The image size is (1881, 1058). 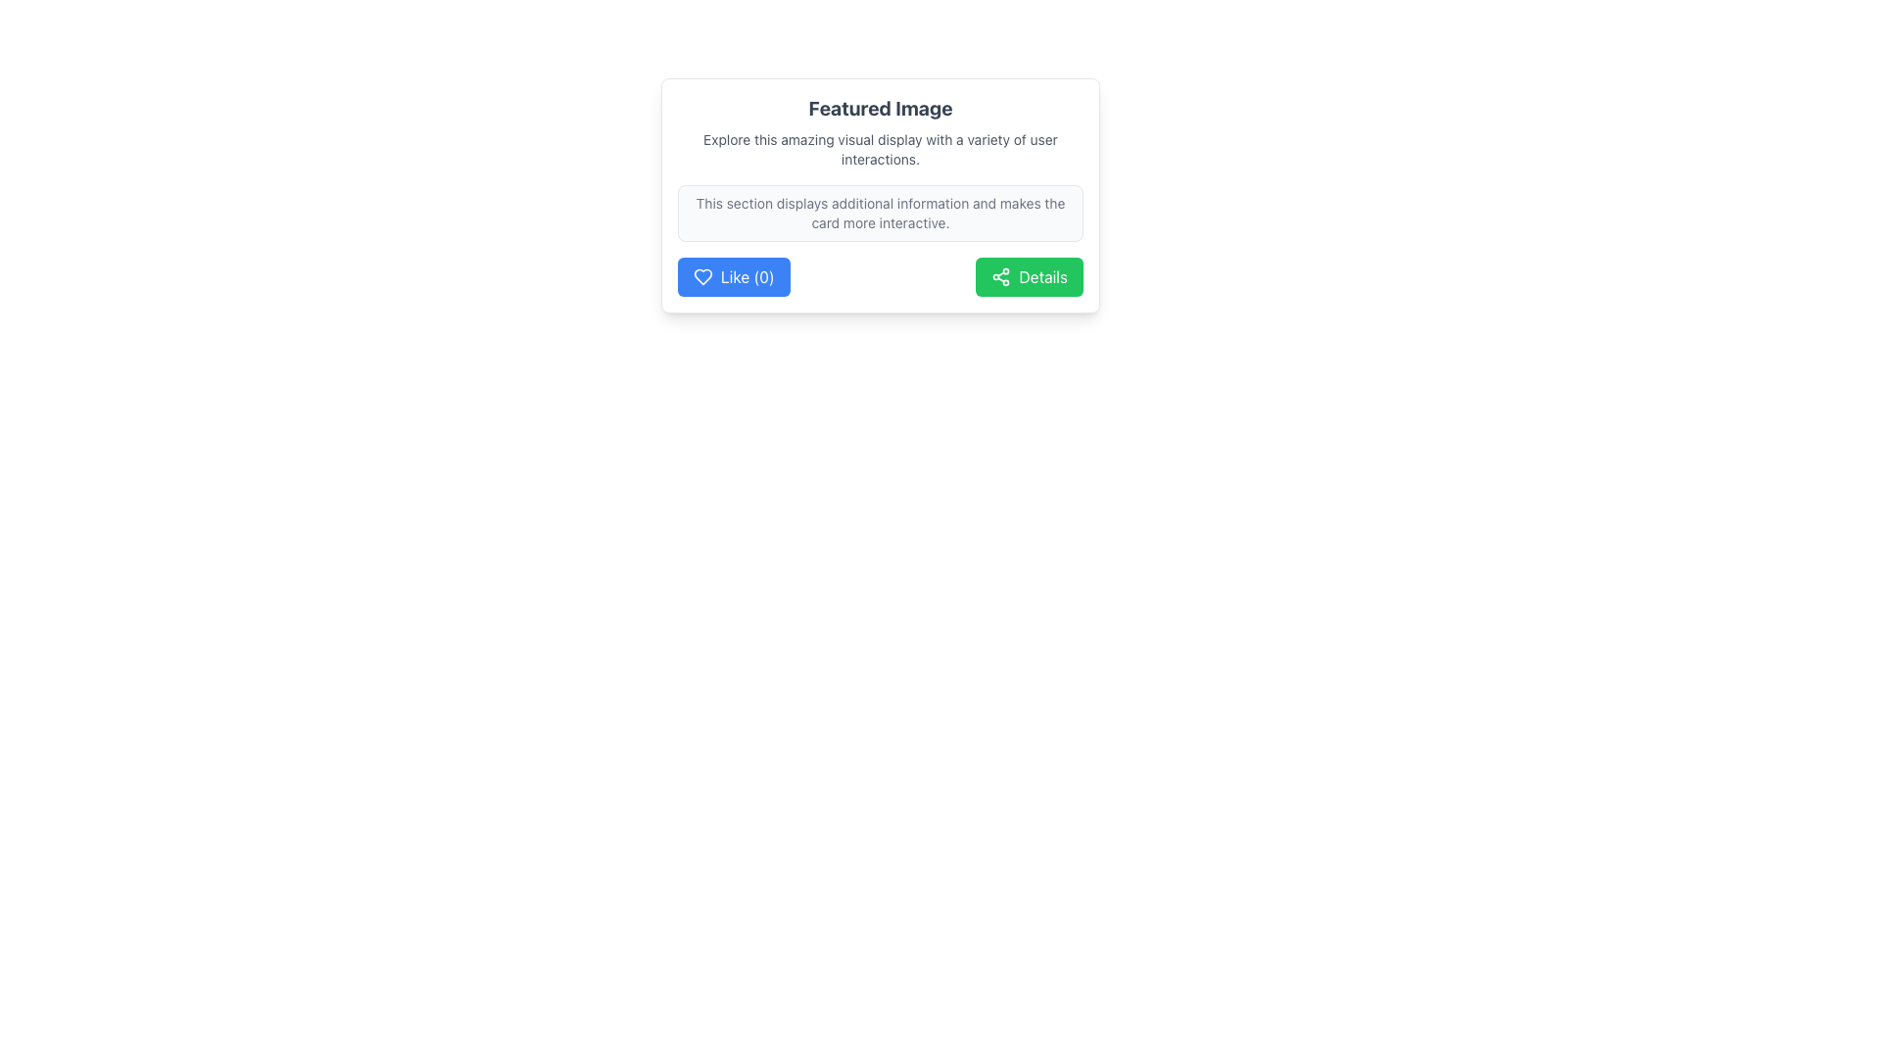 What do you see at coordinates (733, 276) in the screenshot?
I see `the 'Like (0)' button` at bounding box center [733, 276].